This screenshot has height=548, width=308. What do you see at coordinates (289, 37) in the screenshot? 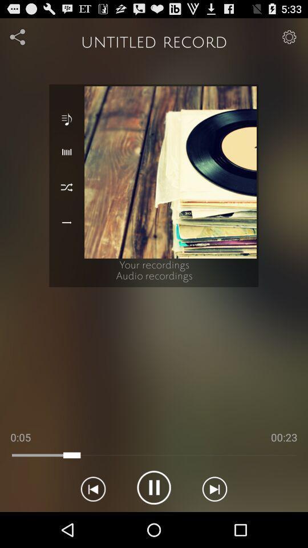
I see `settings` at bounding box center [289, 37].